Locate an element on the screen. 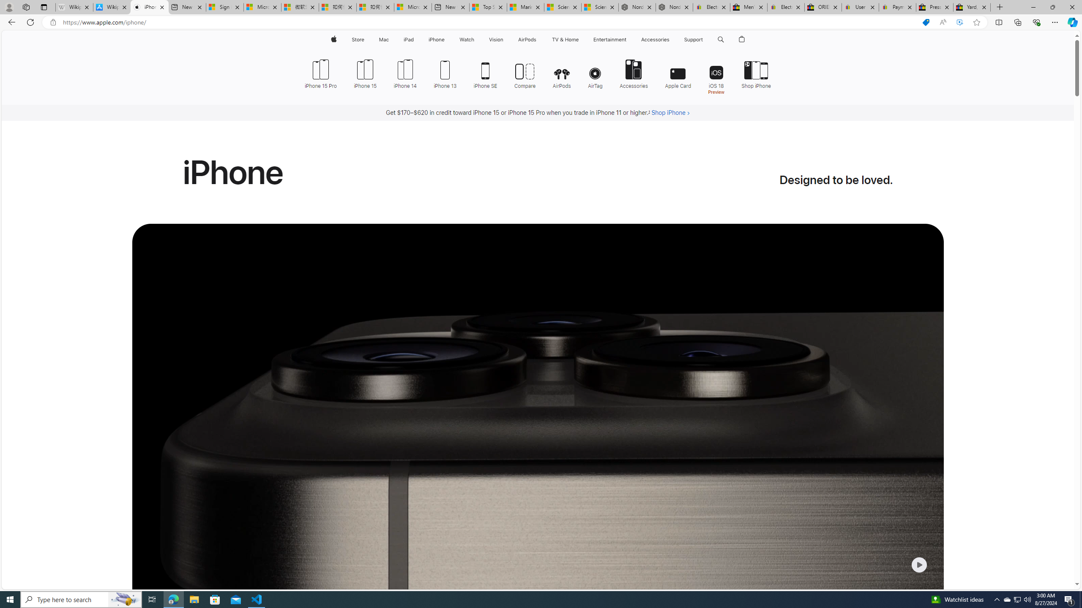  'Watch menu' is located at coordinates (476, 39).